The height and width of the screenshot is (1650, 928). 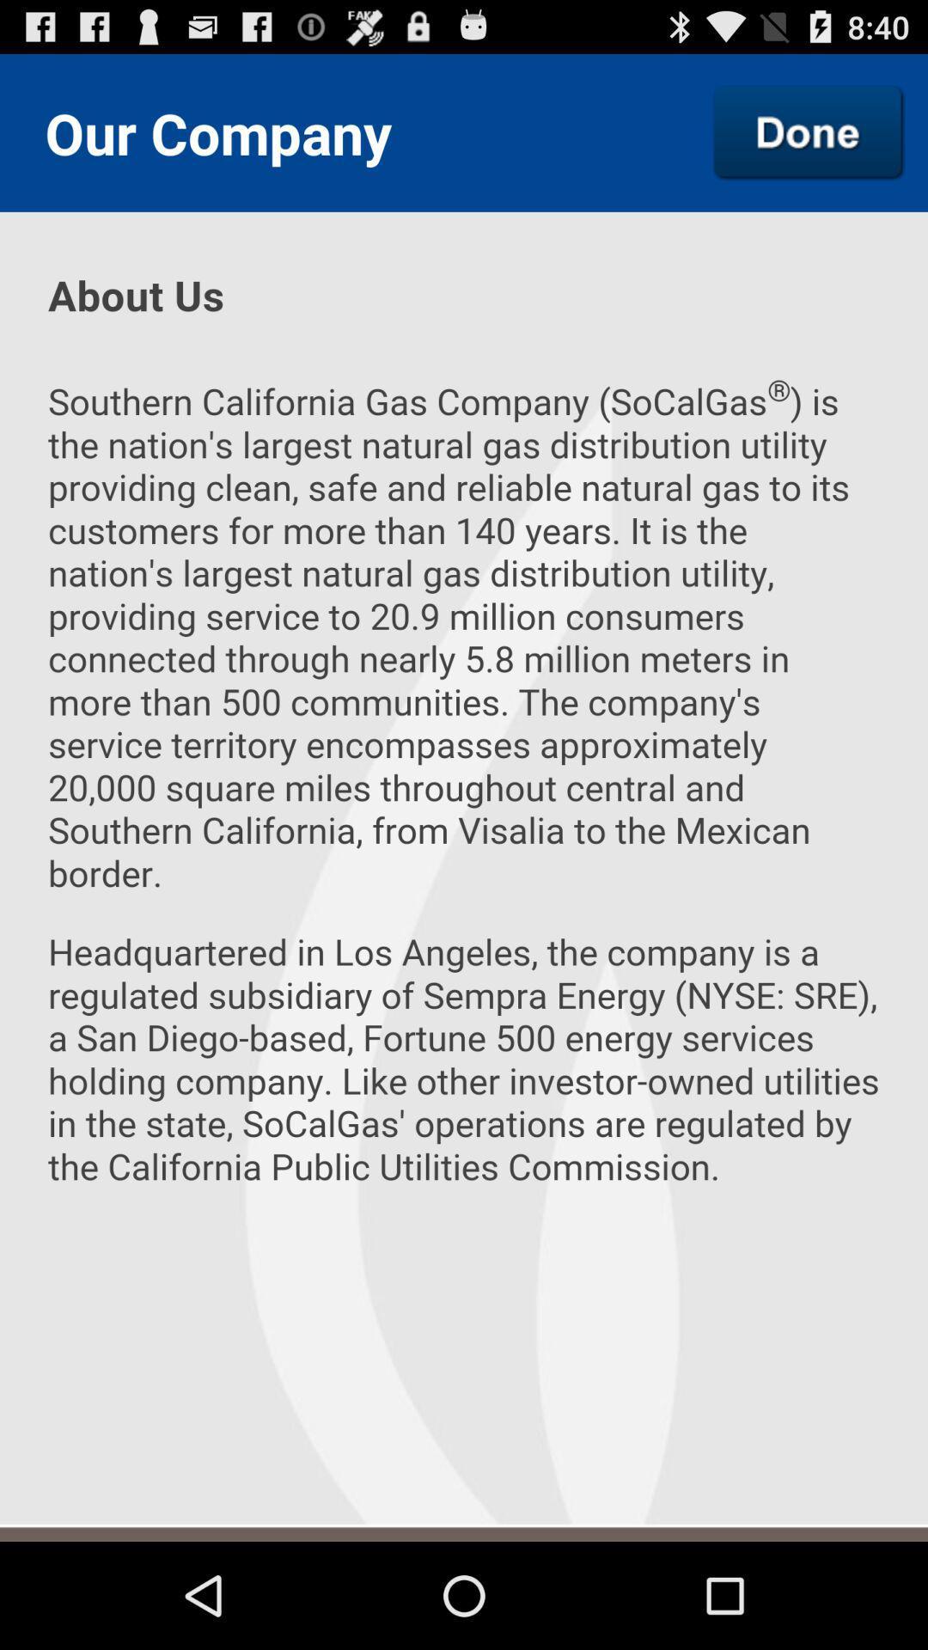 I want to click on gas mapping app, so click(x=809, y=131).